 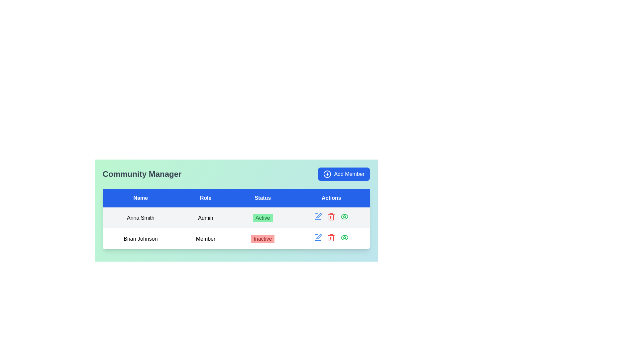 What do you see at coordinates (319, 215) in the screenshot?
I see `the edit icon resembling a pen or pencil located in the 'Actions' column of the second row corresponding to 'Brian Johnson's entry to initiate editing` at bounding box center [319, 215].